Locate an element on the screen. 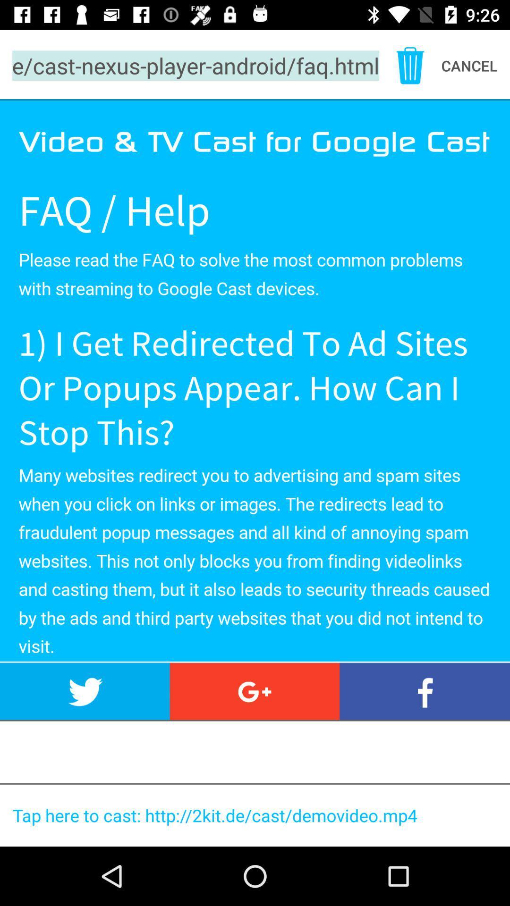 Image resolution: width=510 pixels, height=906 pixels. the link which is at the bottom of the page is located at coordinates (258, 815).